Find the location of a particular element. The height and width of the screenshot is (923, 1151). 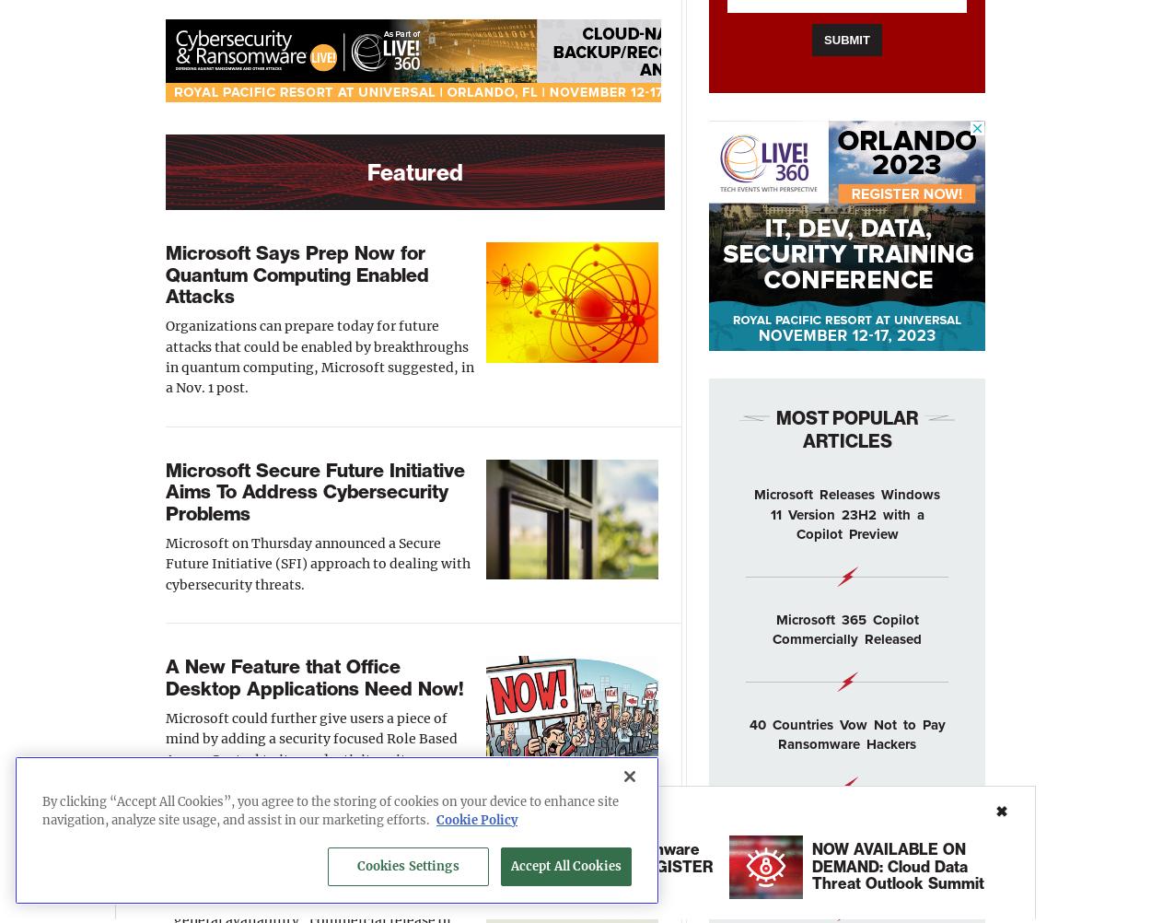

'Hot Resources' is located at coordinates (193, 811).